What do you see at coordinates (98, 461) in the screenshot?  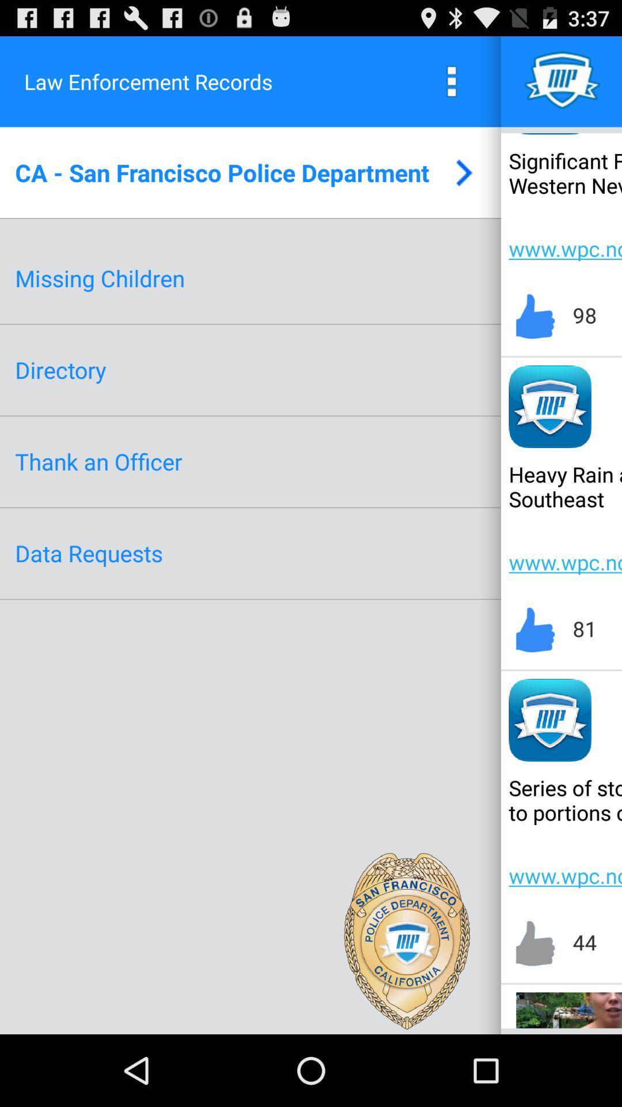 I see `thank an officer icon` at bounding box center [98, 461].